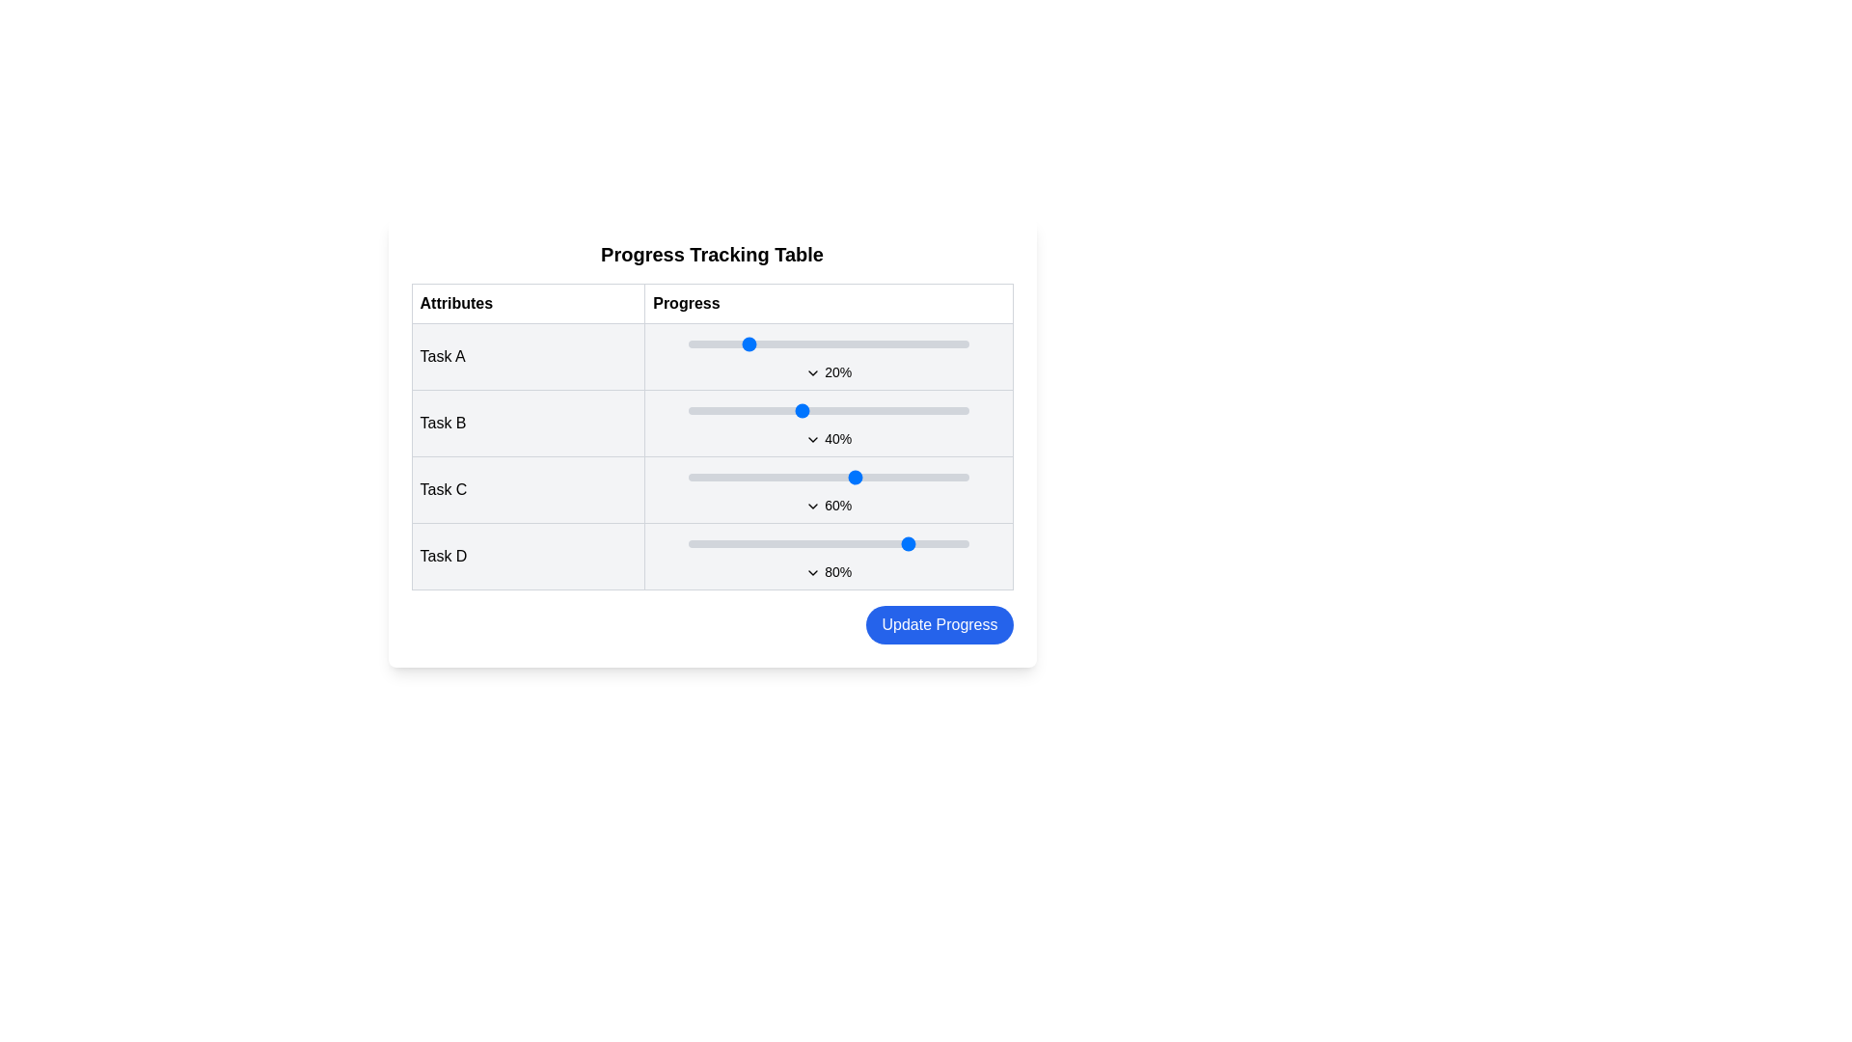  Describe the element at coordinates (786, 409) in the screenshot. I see `progress` at that location.